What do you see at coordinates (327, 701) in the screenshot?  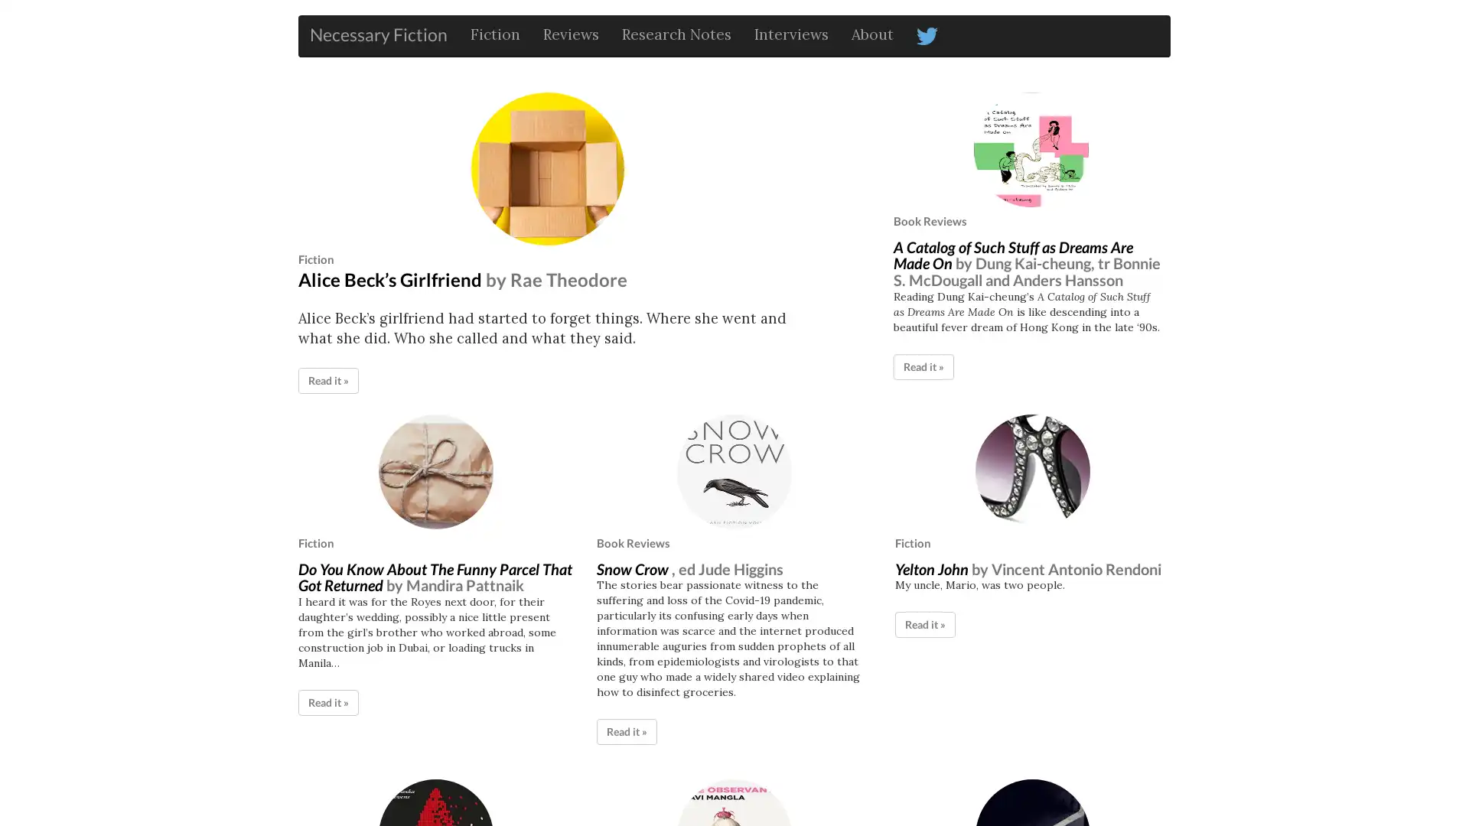 I see `Read it` at bounding box center [327, 701].